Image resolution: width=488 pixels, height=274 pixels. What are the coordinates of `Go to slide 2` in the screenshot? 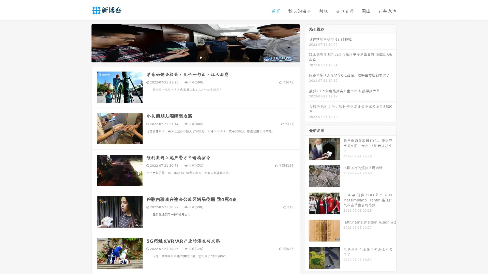 It's located at (195, 57).